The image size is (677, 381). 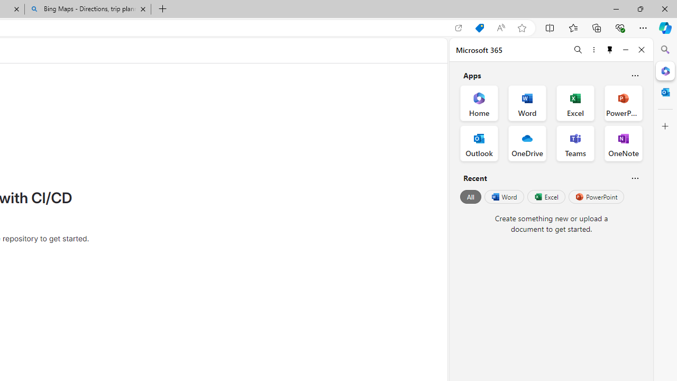 What do you see at coordinates (596, 197) in the screenshot?
I see `'PowerPoint'` at bounding box center [596, 197].